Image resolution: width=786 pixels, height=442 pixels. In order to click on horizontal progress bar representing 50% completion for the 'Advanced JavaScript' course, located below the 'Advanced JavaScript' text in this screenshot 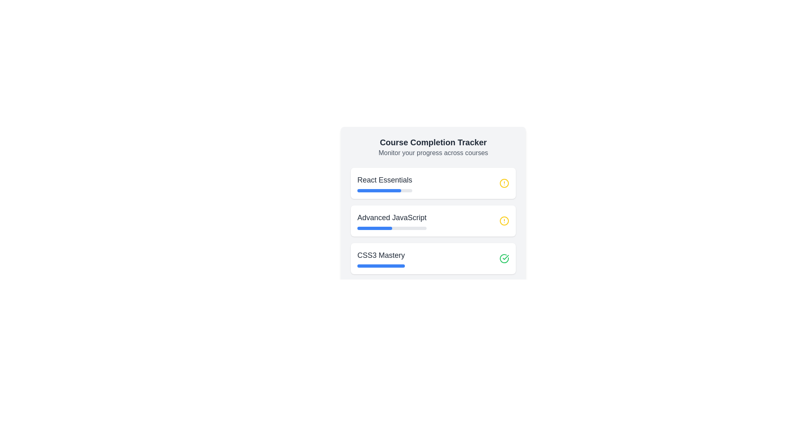, I will do `click(391, 228)`.